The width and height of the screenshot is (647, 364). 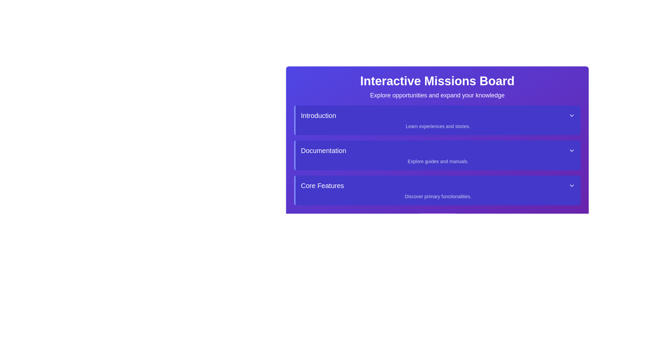 What do you see at coordinates (437, 190) in the screenshot?
I see `the 'Core Features' collapsible card for navigation within the 'Interactive Missions Board' interface` at bounding box center [437, 190].